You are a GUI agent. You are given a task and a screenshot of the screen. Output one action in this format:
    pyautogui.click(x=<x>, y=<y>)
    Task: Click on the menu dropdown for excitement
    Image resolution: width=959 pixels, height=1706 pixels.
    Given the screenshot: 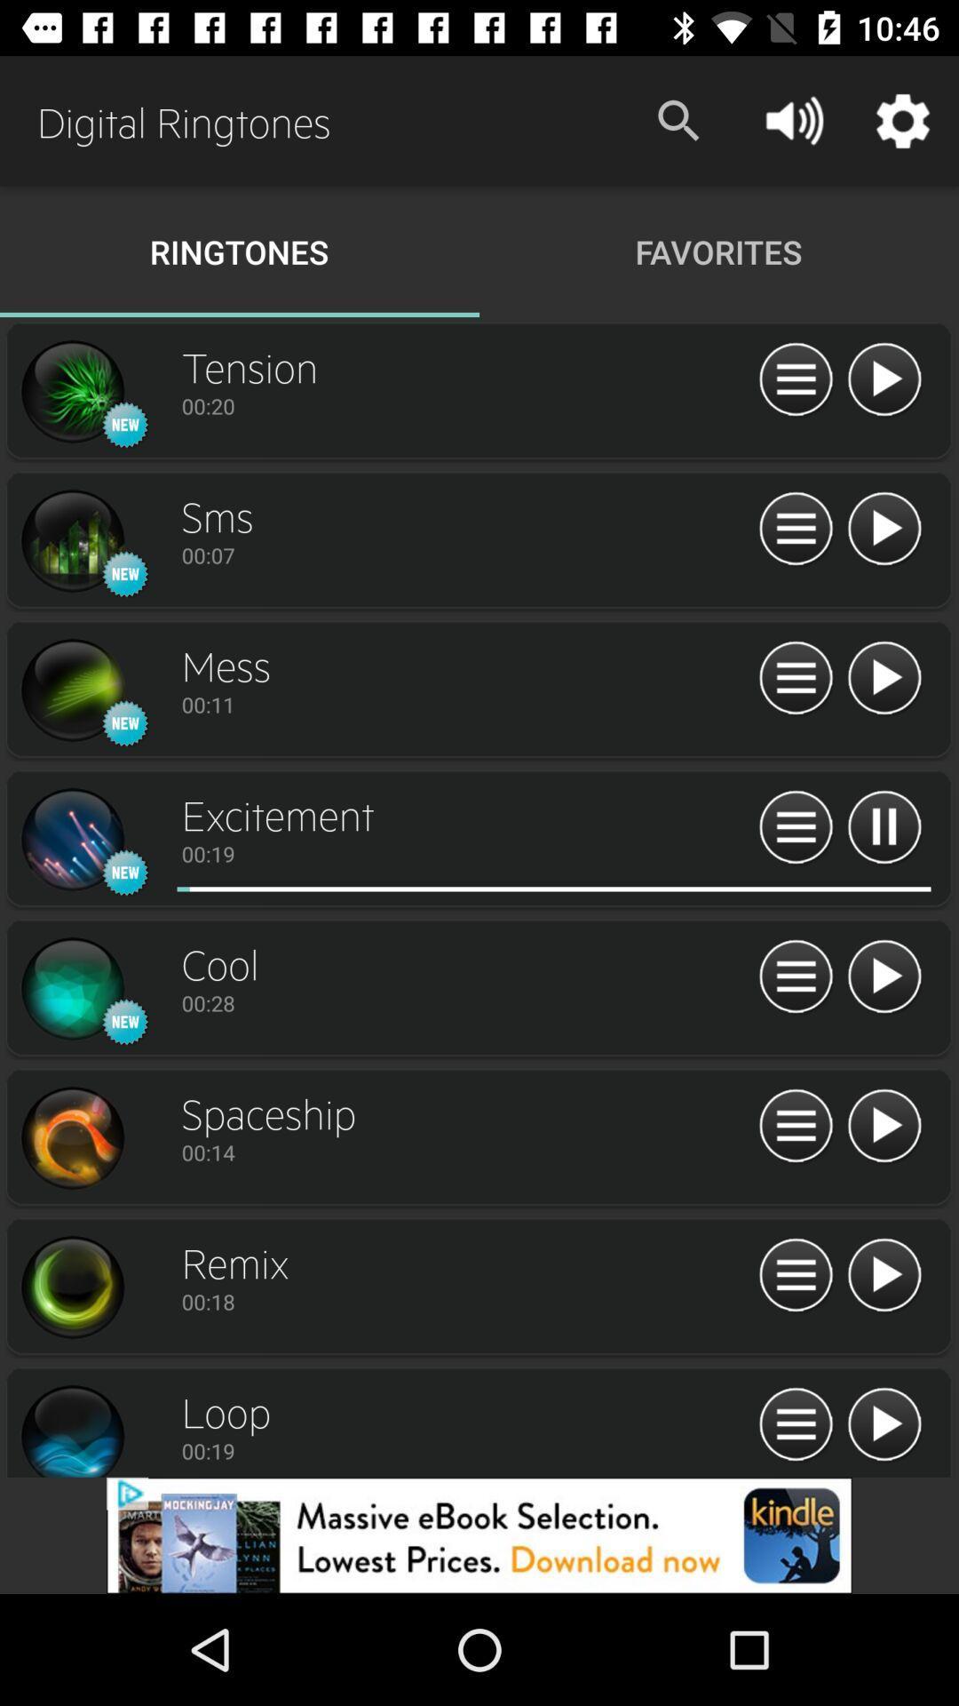 What is the action you would take?
    pyautogui.click(x=795, y=827)
    